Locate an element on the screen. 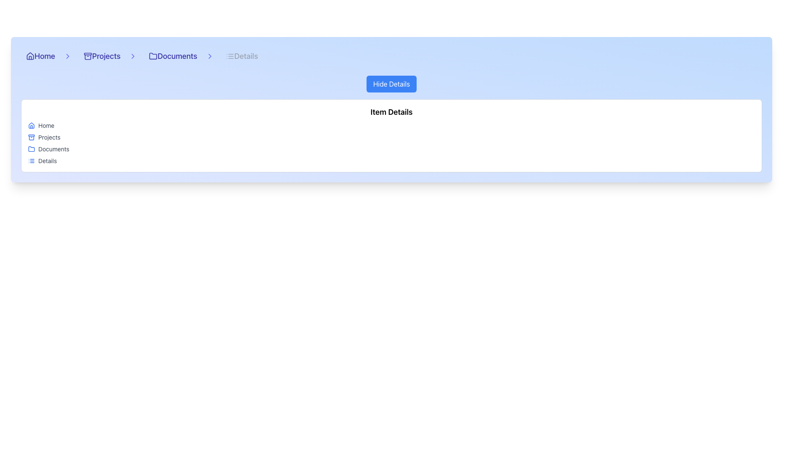 The width and height of the screenshot is (808, 454). the breadcrumb hyperlink for 'Documents' located at the third position in the breadcrumb navigation bar is located at coordinates (173, 56).